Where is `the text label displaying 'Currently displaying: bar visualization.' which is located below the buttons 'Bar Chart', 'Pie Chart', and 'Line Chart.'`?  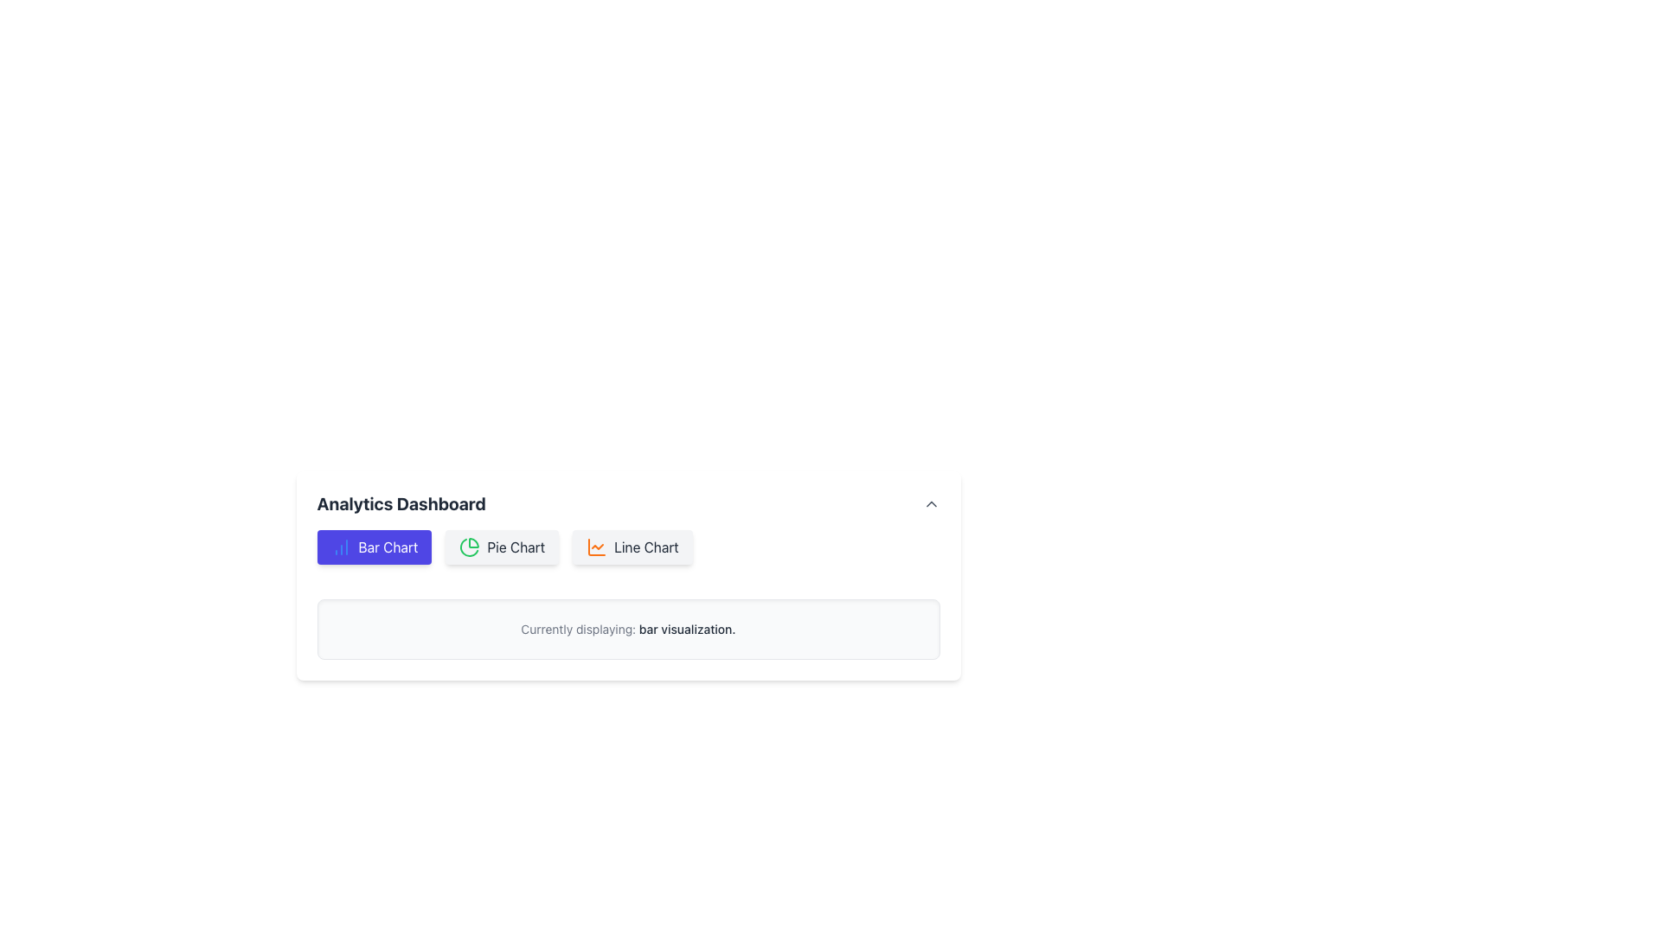
the text label displaying 'Currently displaying: bar visualization.' which is located below the buttons 'Bar Chart', 'Pie Chart', and 'Line Chart.' is located at coordinates (627, 630).